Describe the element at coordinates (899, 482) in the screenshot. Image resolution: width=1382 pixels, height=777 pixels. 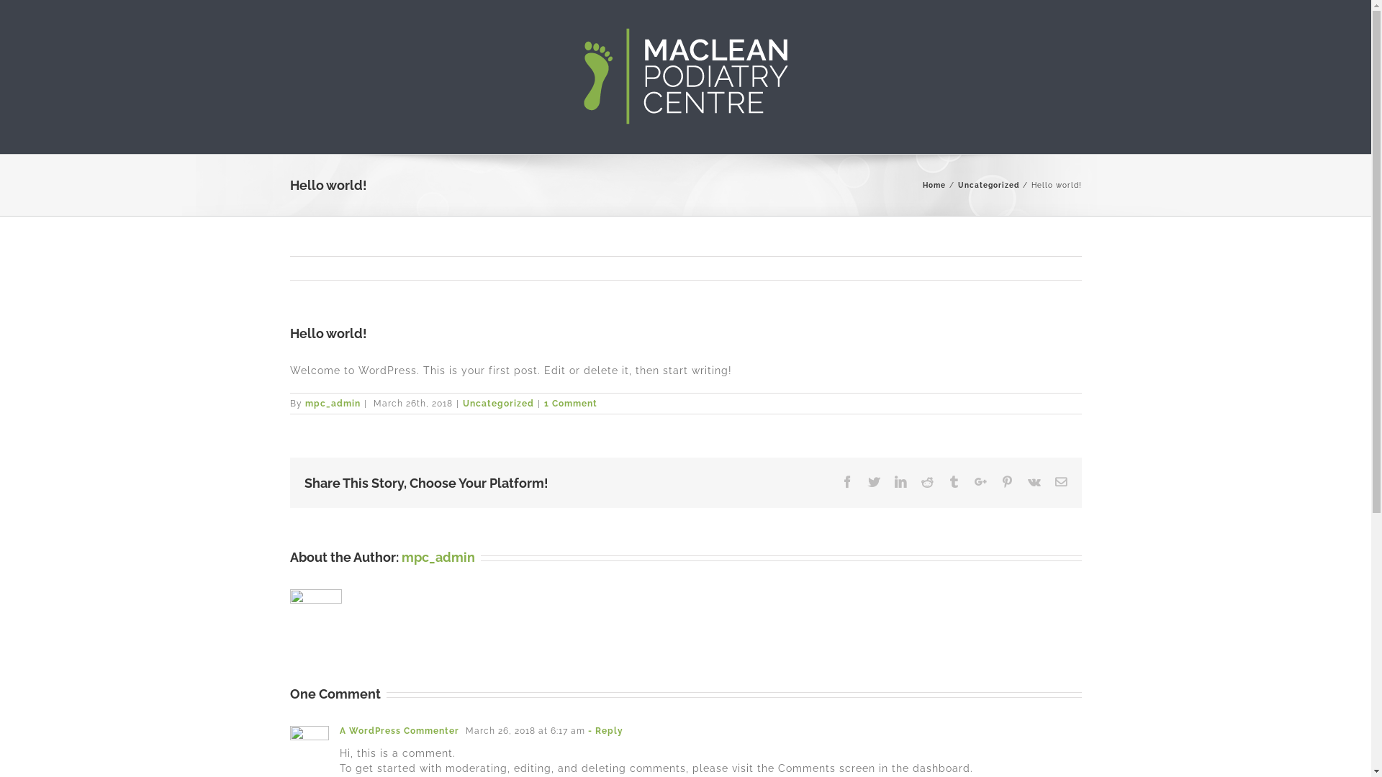
I see `'Linkedin'` at that location.